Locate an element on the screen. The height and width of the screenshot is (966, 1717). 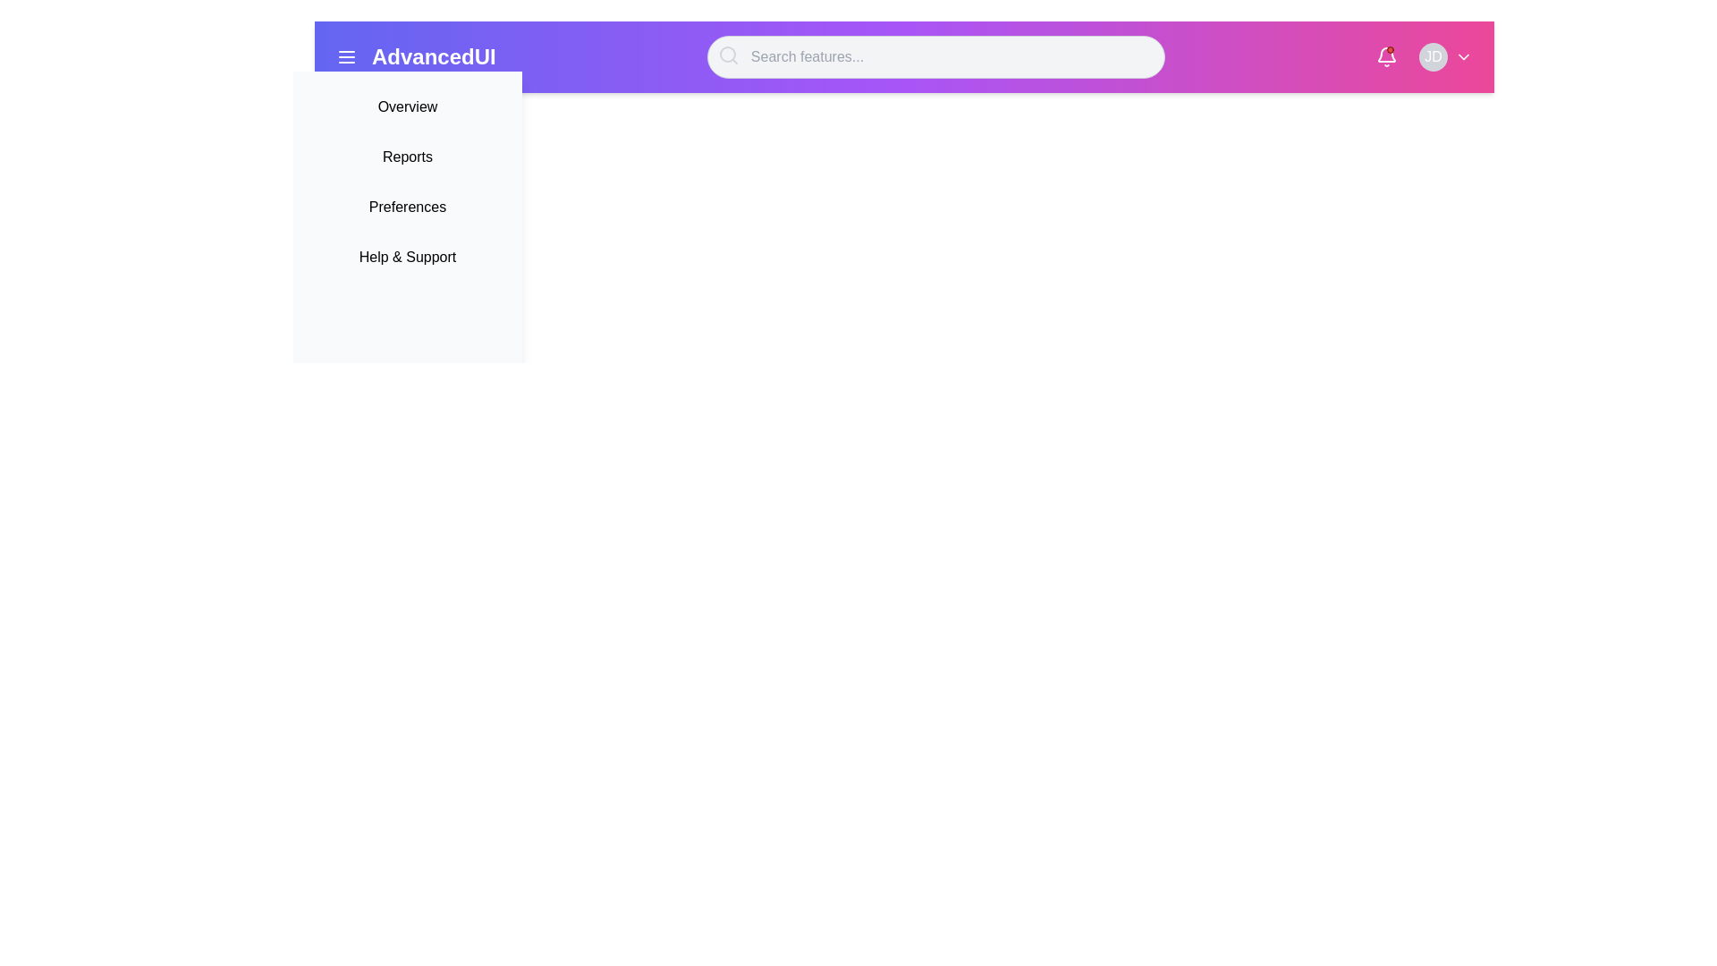
the branding text label located in the top navigation bar, which serves as a title indicator for the application and may link to the home page is located at coordinates (434, 56).